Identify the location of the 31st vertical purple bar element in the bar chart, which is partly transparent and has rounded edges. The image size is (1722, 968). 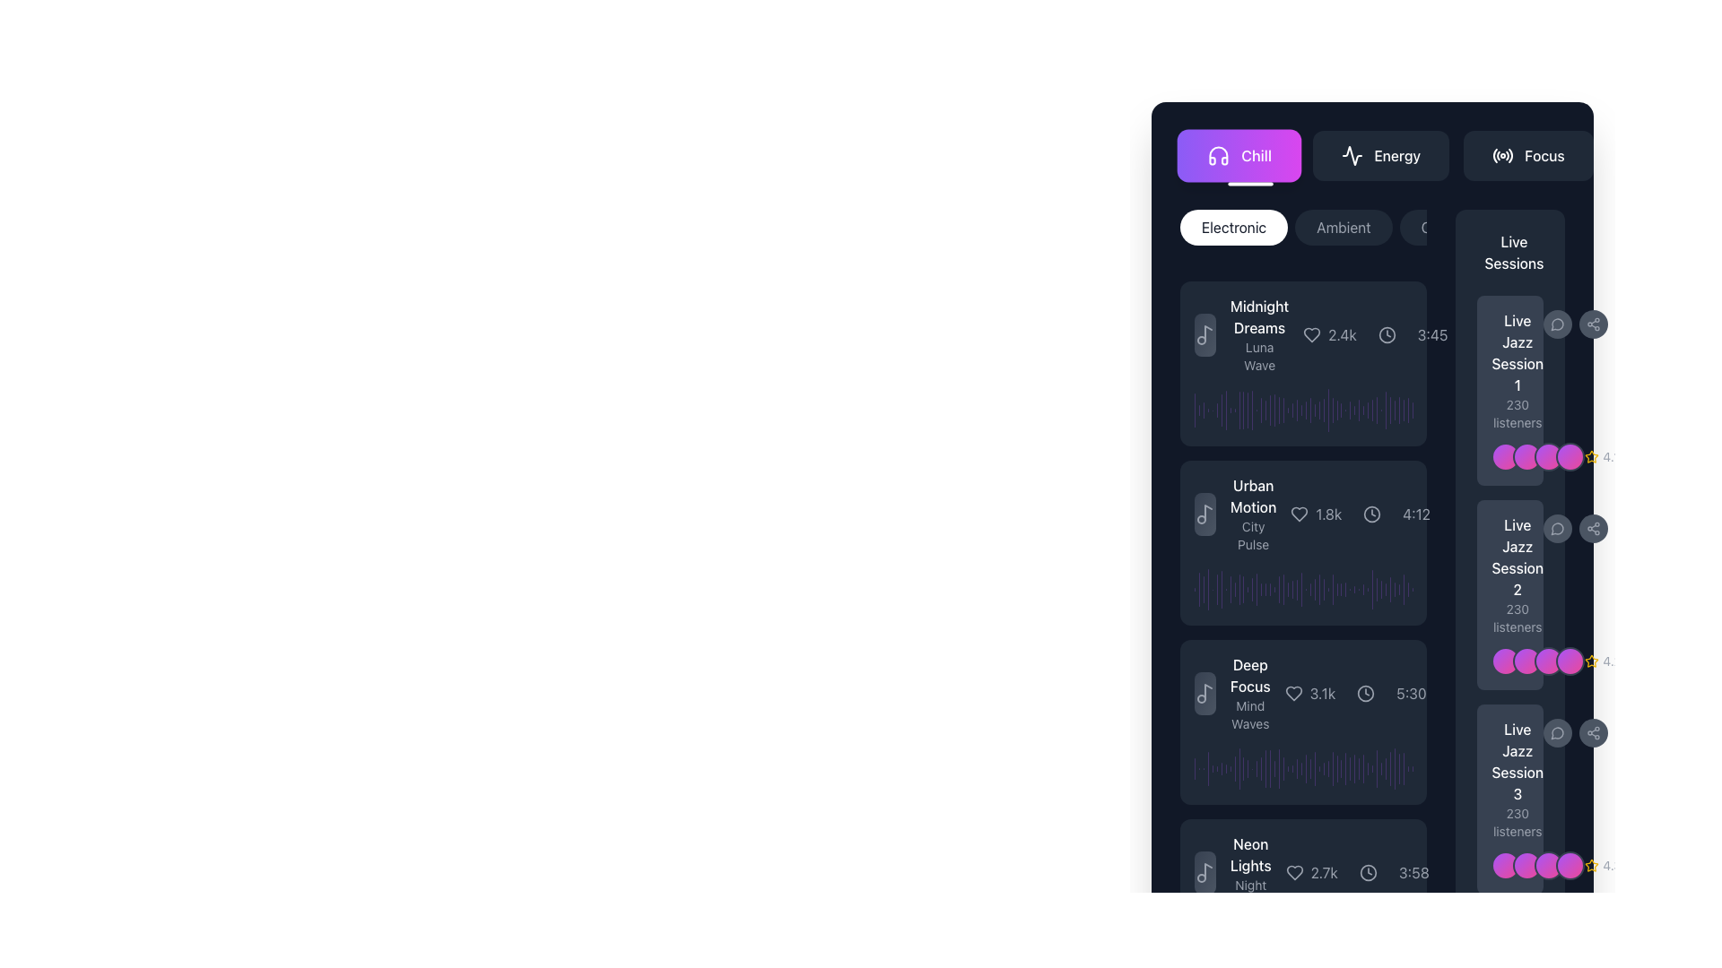
(1376, 946).